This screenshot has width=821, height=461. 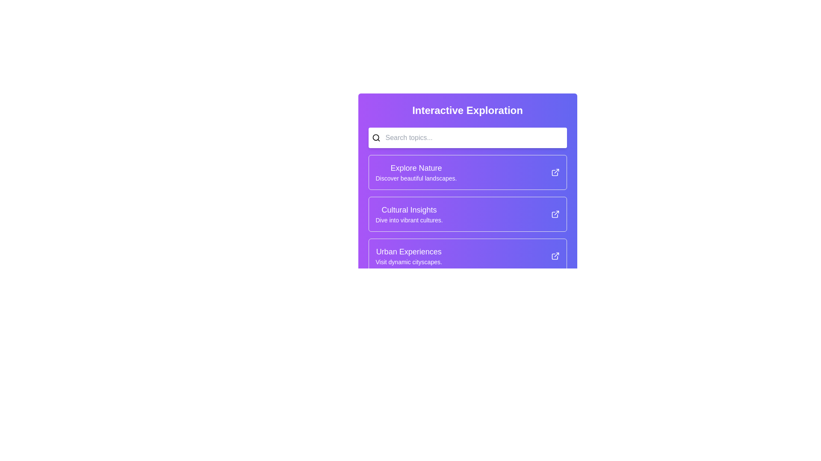 What do you see at coordinates (408, 251) in the screenshot?
I see `the Text Label that serves as a title or heading for the section, positioned at the top of the third rectangular section of the interface` at bounding box center [408, 251].